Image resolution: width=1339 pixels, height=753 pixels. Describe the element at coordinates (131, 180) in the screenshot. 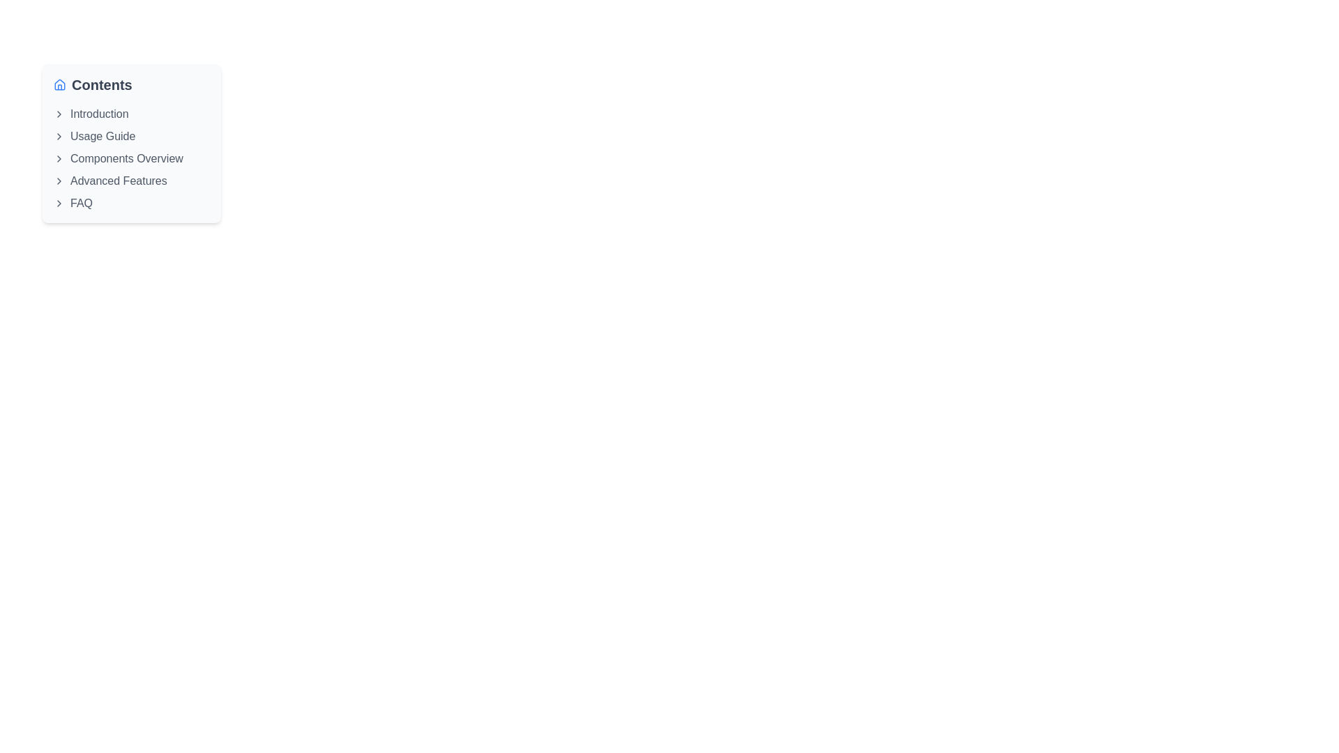

I see `the 'Advanced Features' navigation link in the sidebar to change its text color from gray to blue` at that location.